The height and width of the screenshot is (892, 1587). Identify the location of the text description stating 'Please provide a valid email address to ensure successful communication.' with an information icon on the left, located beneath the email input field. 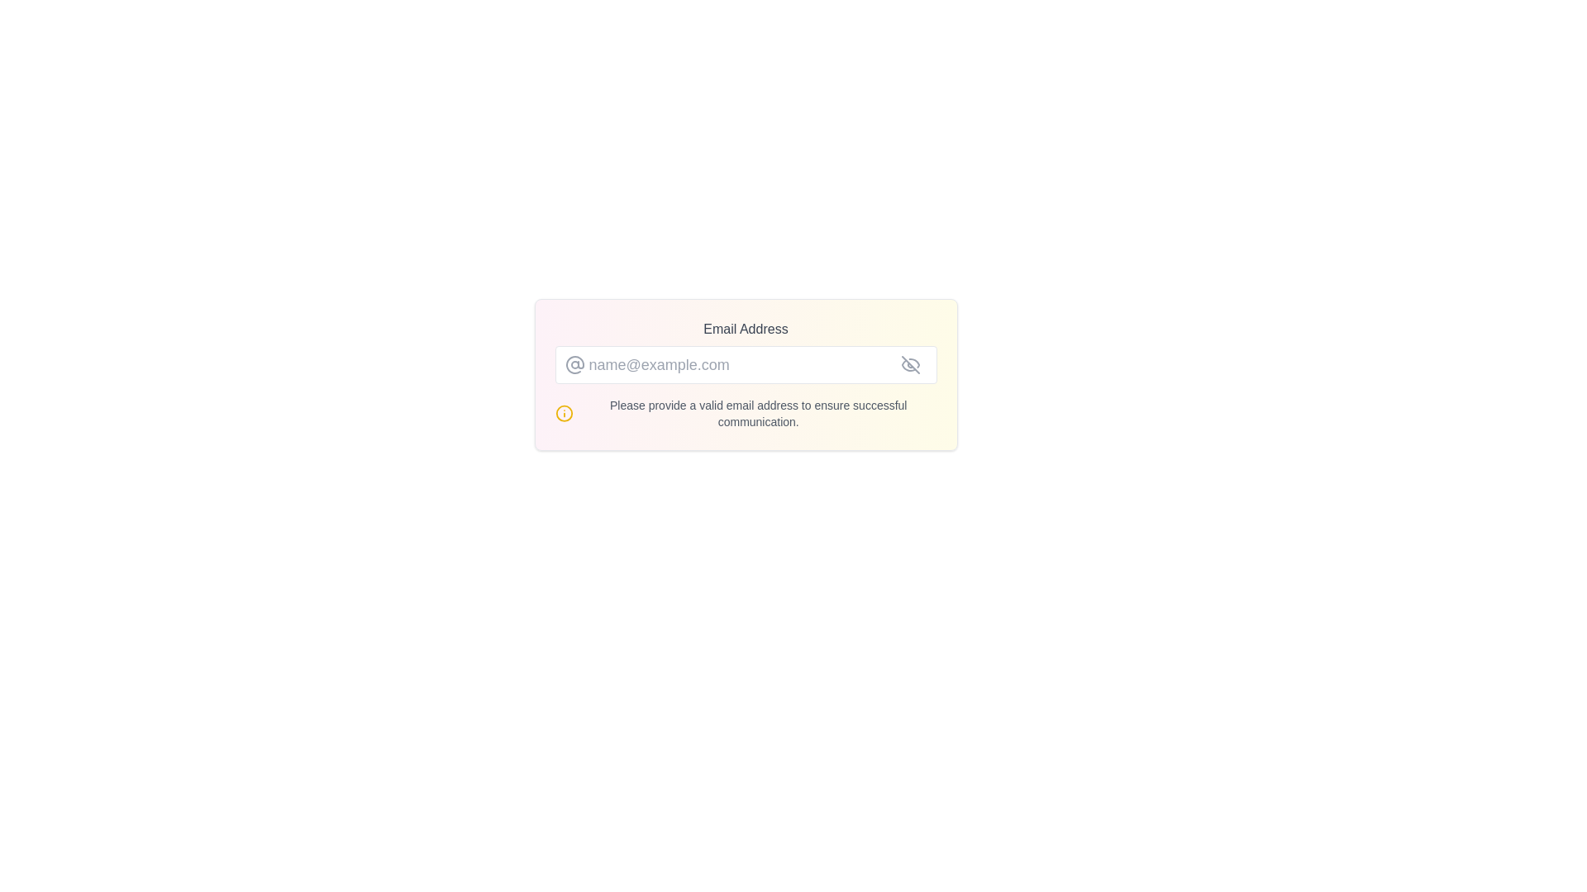
(745, 413).